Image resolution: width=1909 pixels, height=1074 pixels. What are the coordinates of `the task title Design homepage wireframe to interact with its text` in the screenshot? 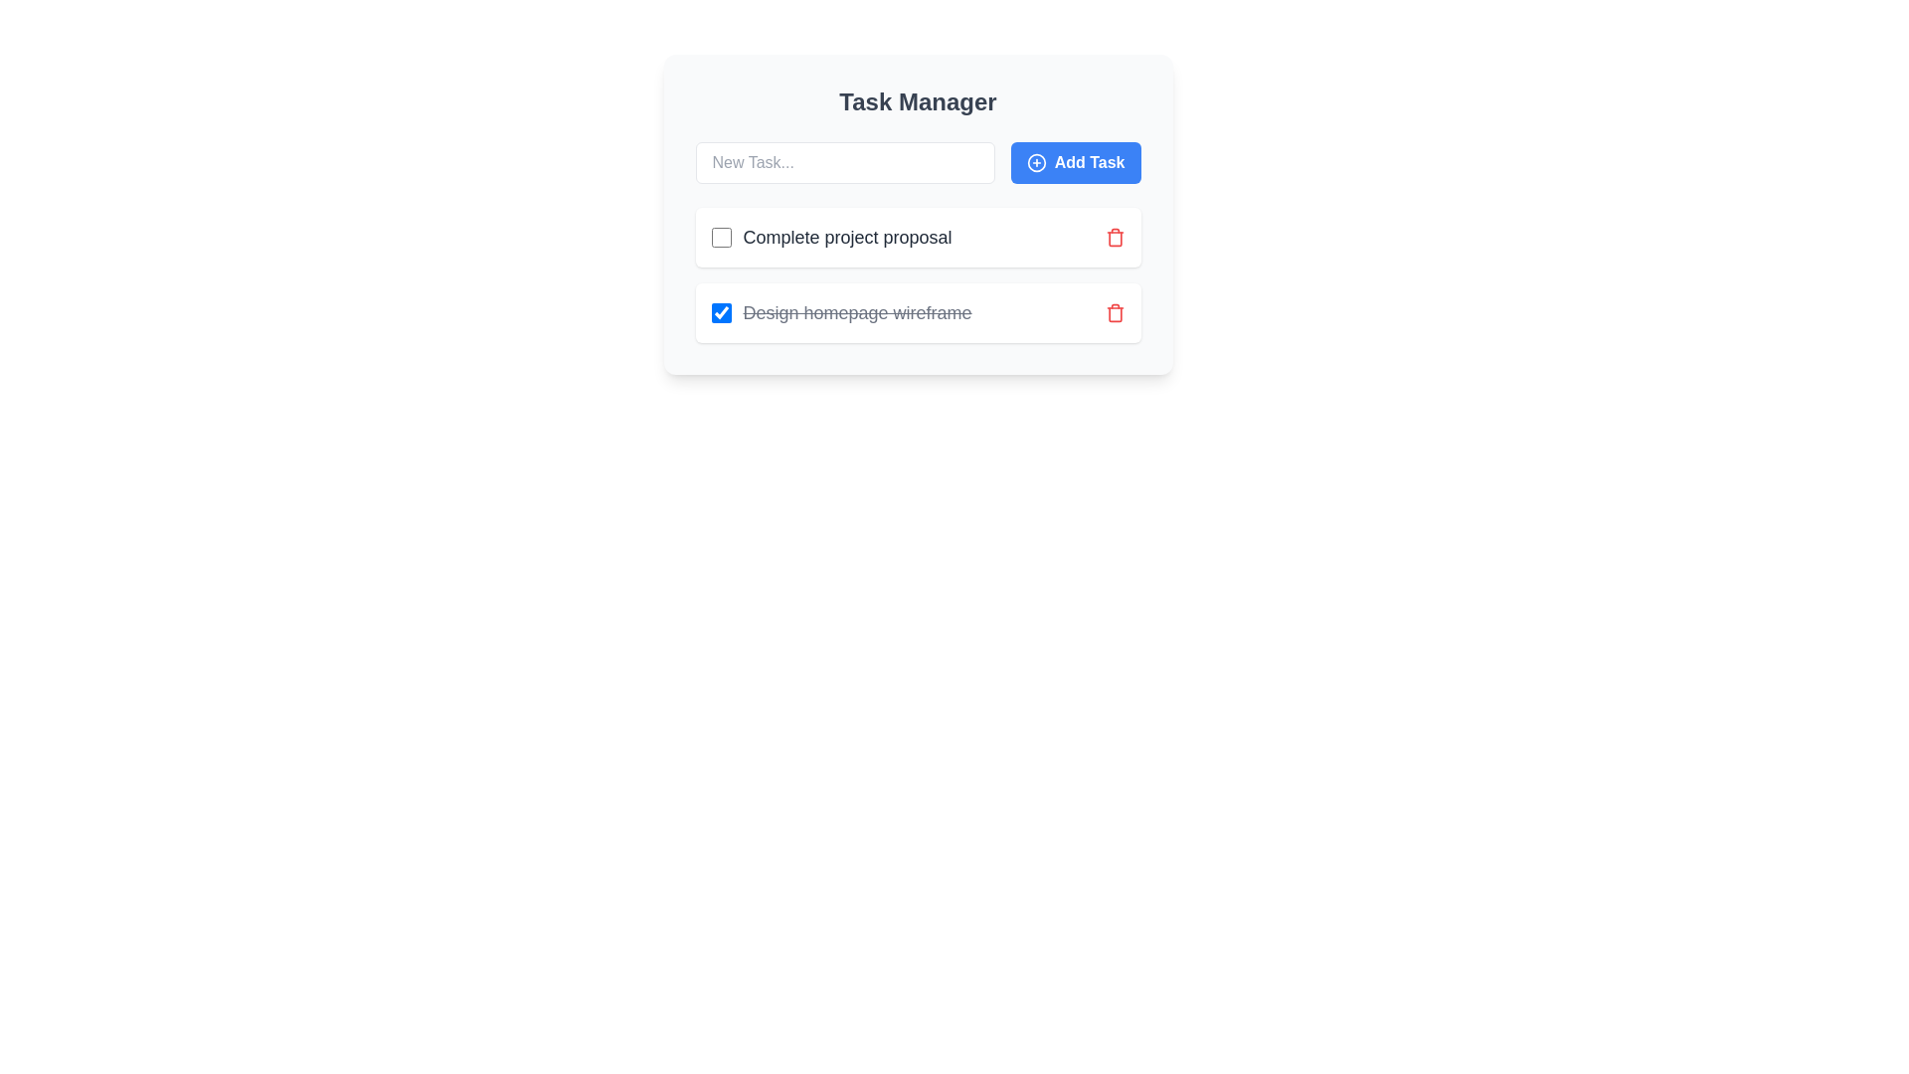 It's located at (841, 313).